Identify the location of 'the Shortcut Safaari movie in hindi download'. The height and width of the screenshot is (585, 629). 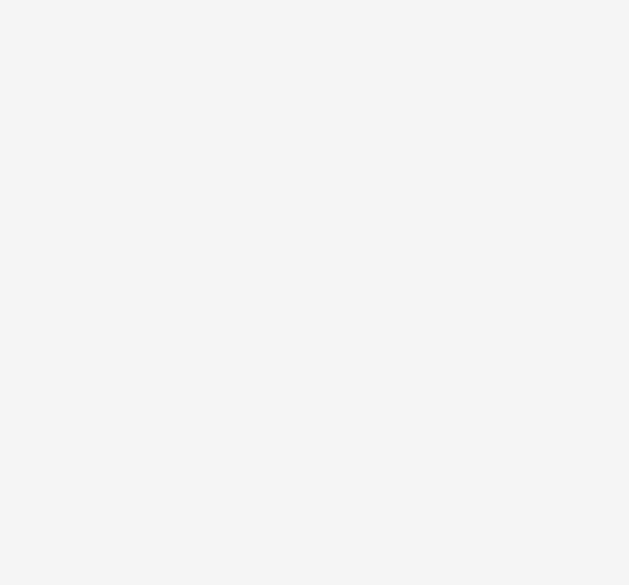
(209, 553).